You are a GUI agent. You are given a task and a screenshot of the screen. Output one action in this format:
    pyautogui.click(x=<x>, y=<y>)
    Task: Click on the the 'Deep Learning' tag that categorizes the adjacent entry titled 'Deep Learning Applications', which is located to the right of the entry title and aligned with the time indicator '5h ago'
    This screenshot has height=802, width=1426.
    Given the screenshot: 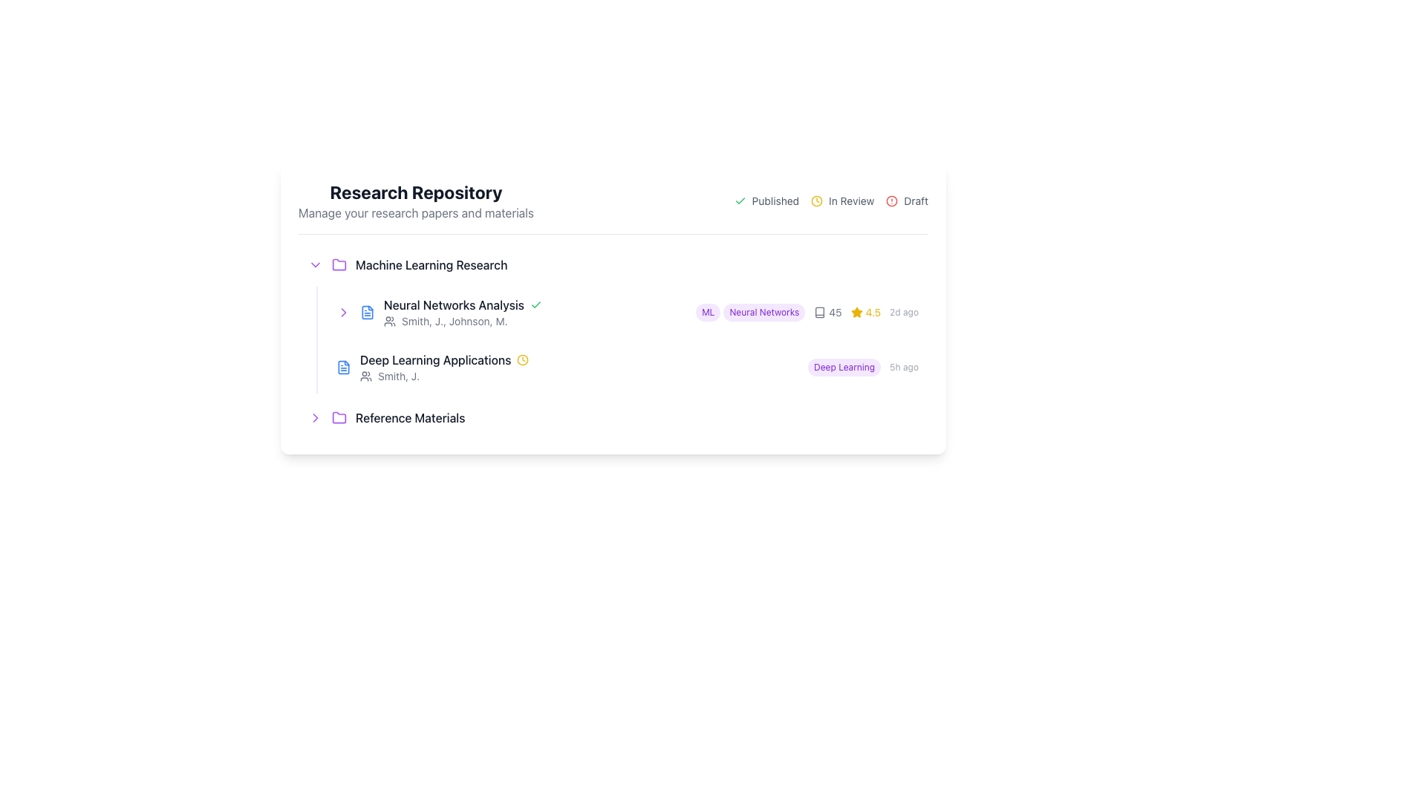 What is the action you would take?
    pyautogui.click(x=844, y=367)
    